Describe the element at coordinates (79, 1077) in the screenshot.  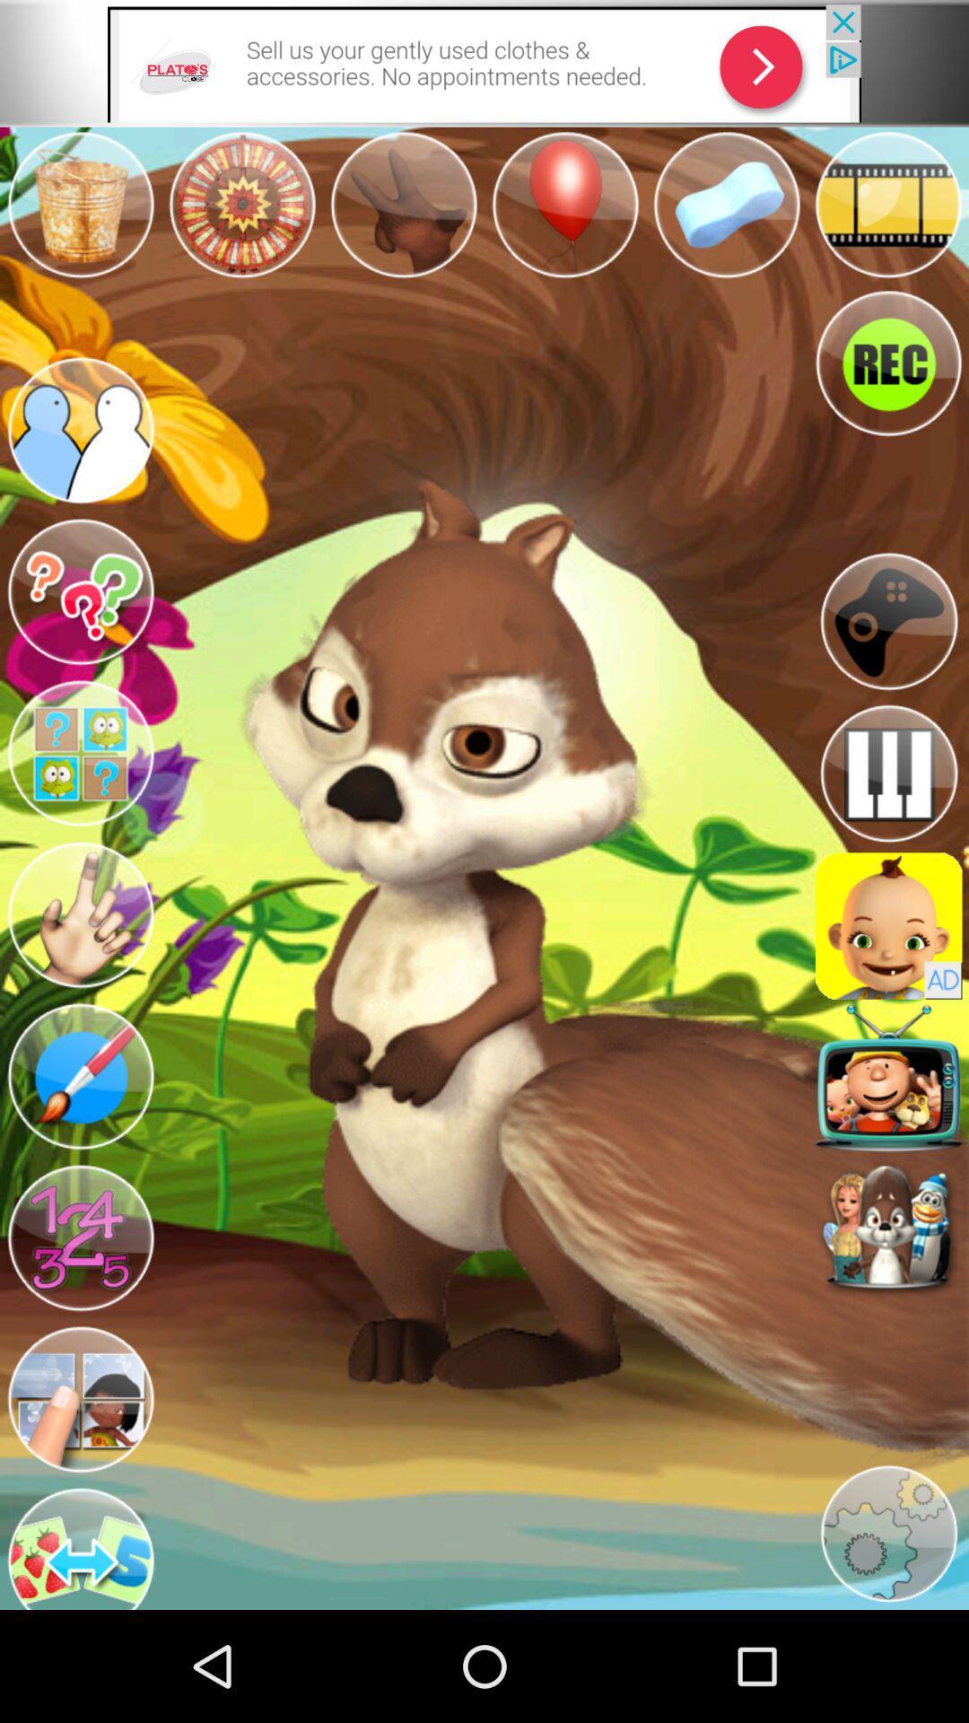
I see `edit character` at that location.